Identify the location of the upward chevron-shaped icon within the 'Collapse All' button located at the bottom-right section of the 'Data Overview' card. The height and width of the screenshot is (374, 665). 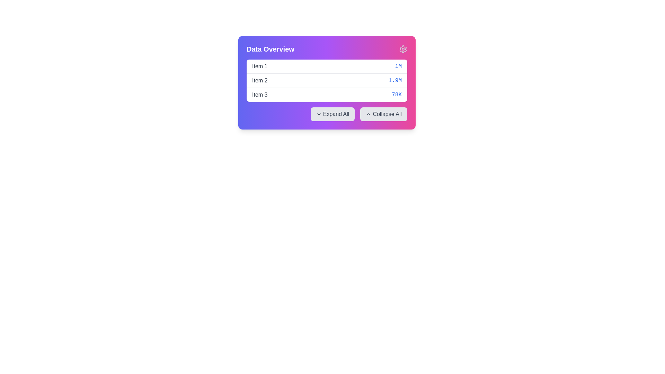
(368, 114).